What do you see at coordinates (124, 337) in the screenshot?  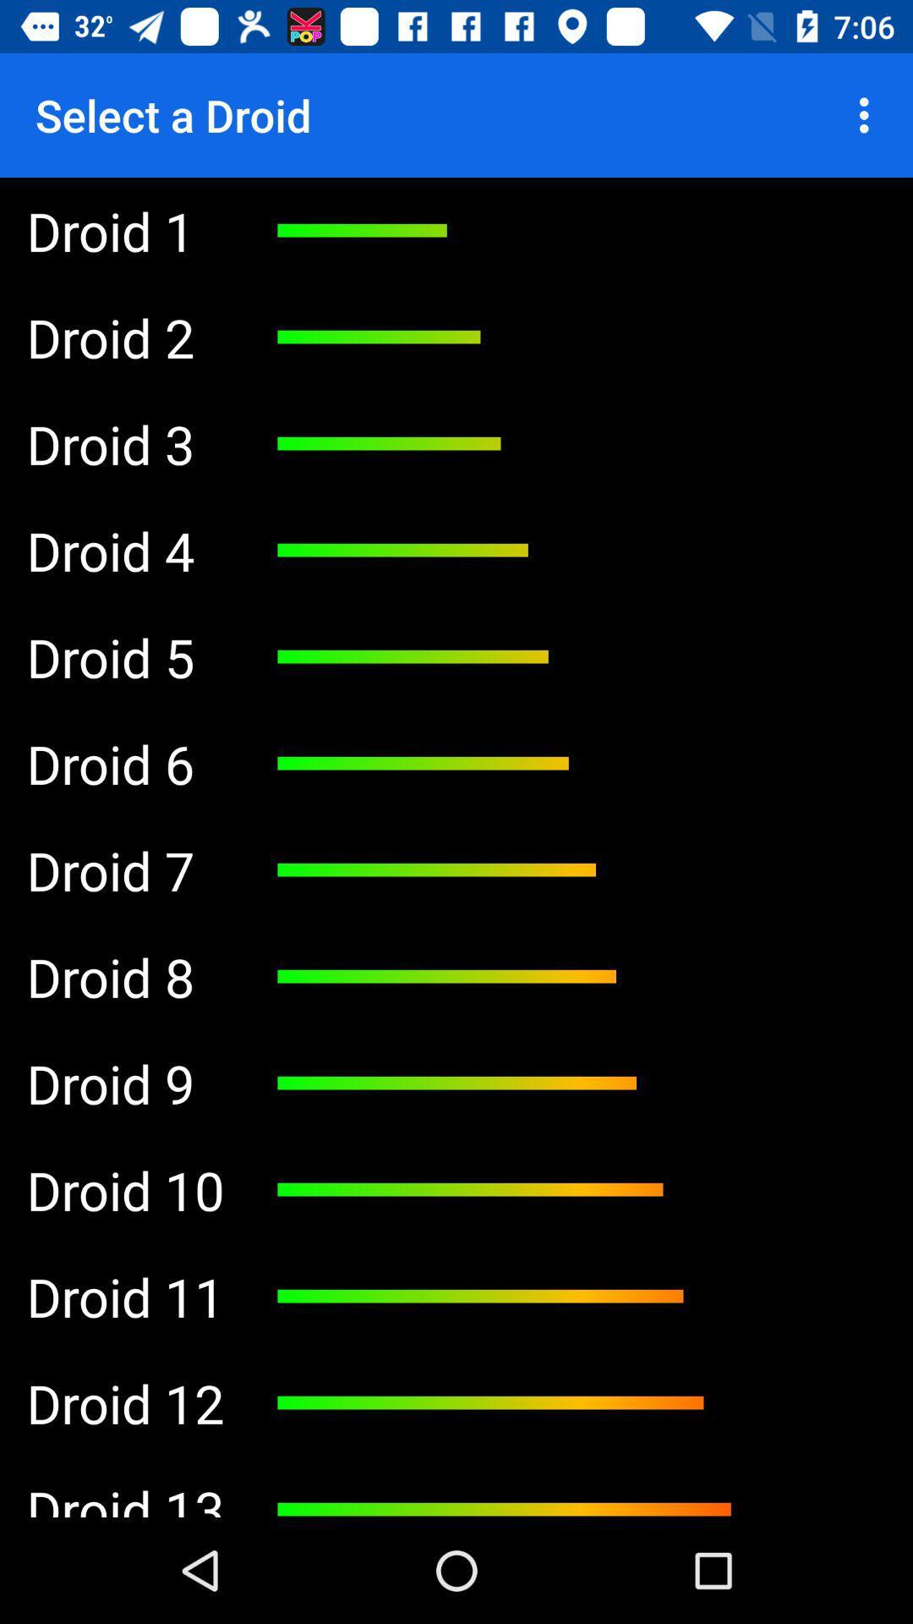 I see `app below the droid 20 app` at bounding box center [124, 337].